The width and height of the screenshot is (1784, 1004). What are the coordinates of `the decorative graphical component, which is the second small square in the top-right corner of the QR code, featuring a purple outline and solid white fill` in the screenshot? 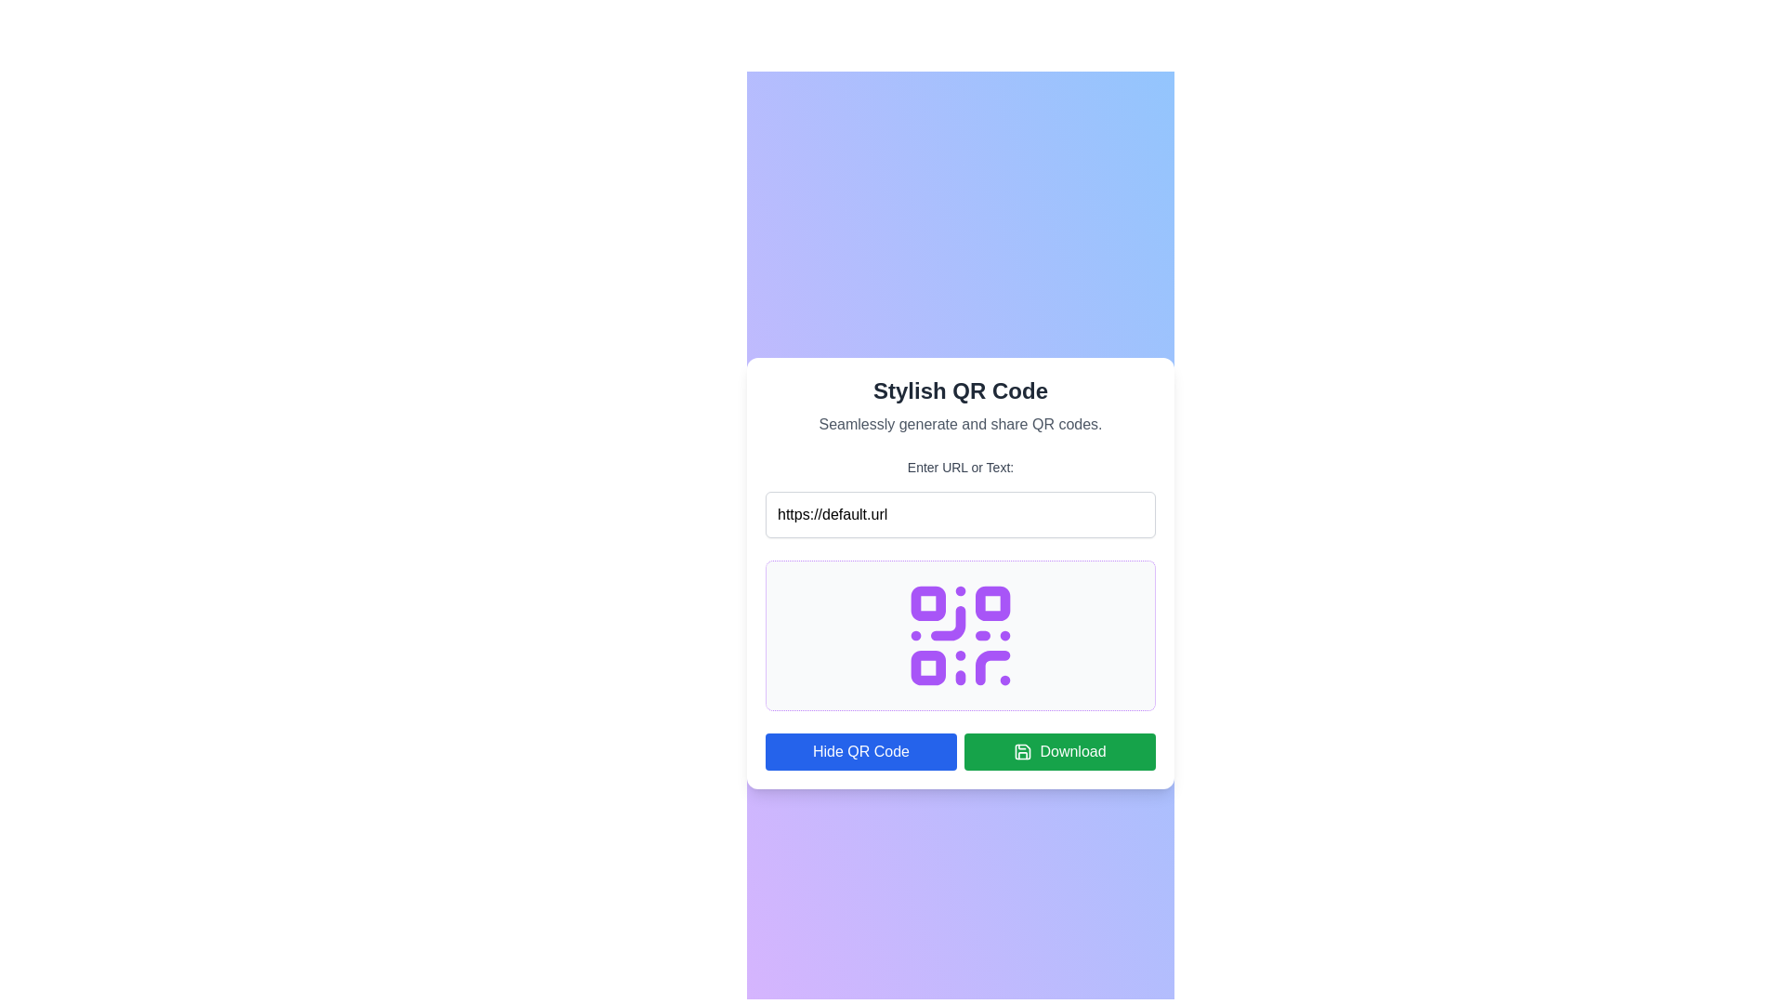 It's located at (991, 603).